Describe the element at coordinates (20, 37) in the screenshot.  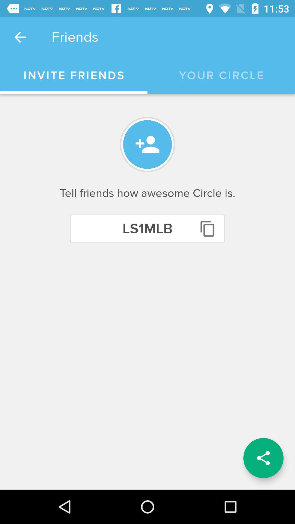
I see `the icon next to the friends icon` at that location.